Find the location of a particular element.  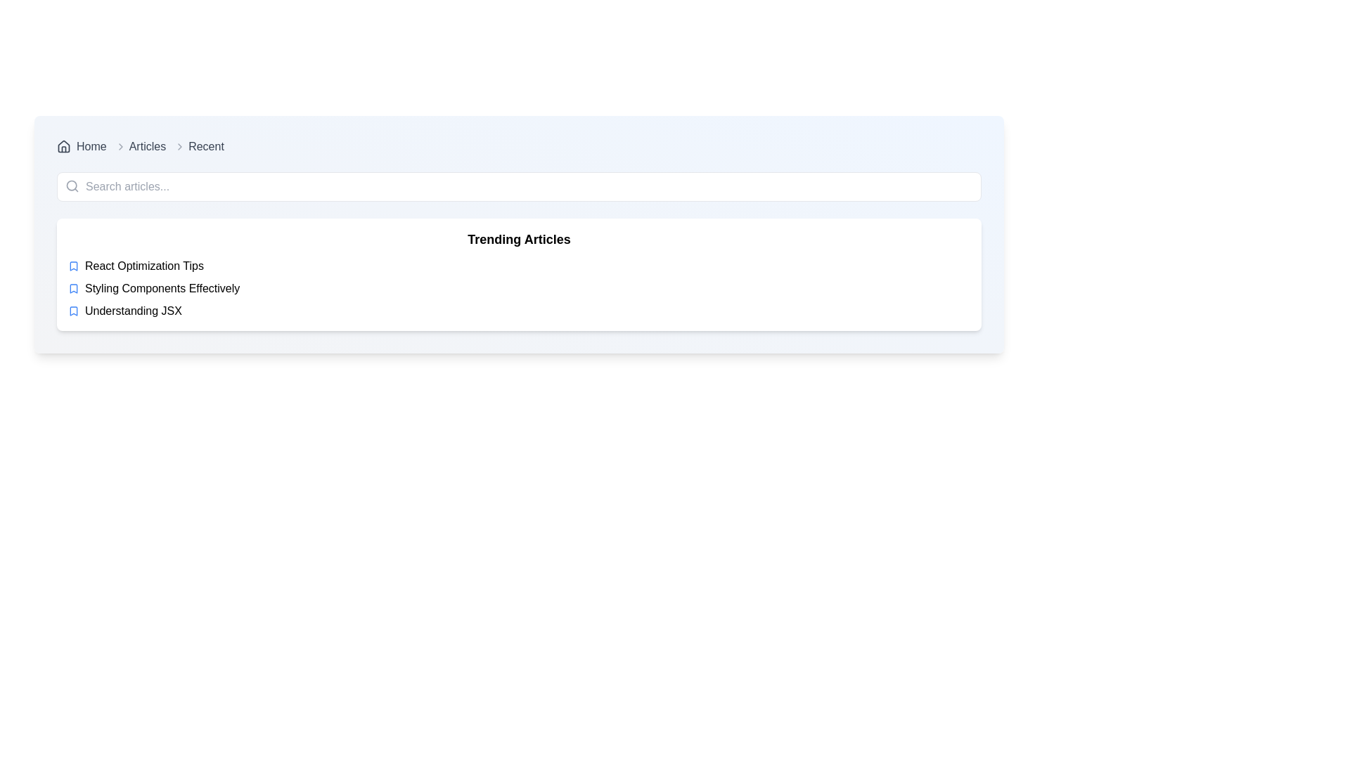

the breadcrumb hyperlink for recent articles is located at coordinates (205, 146).